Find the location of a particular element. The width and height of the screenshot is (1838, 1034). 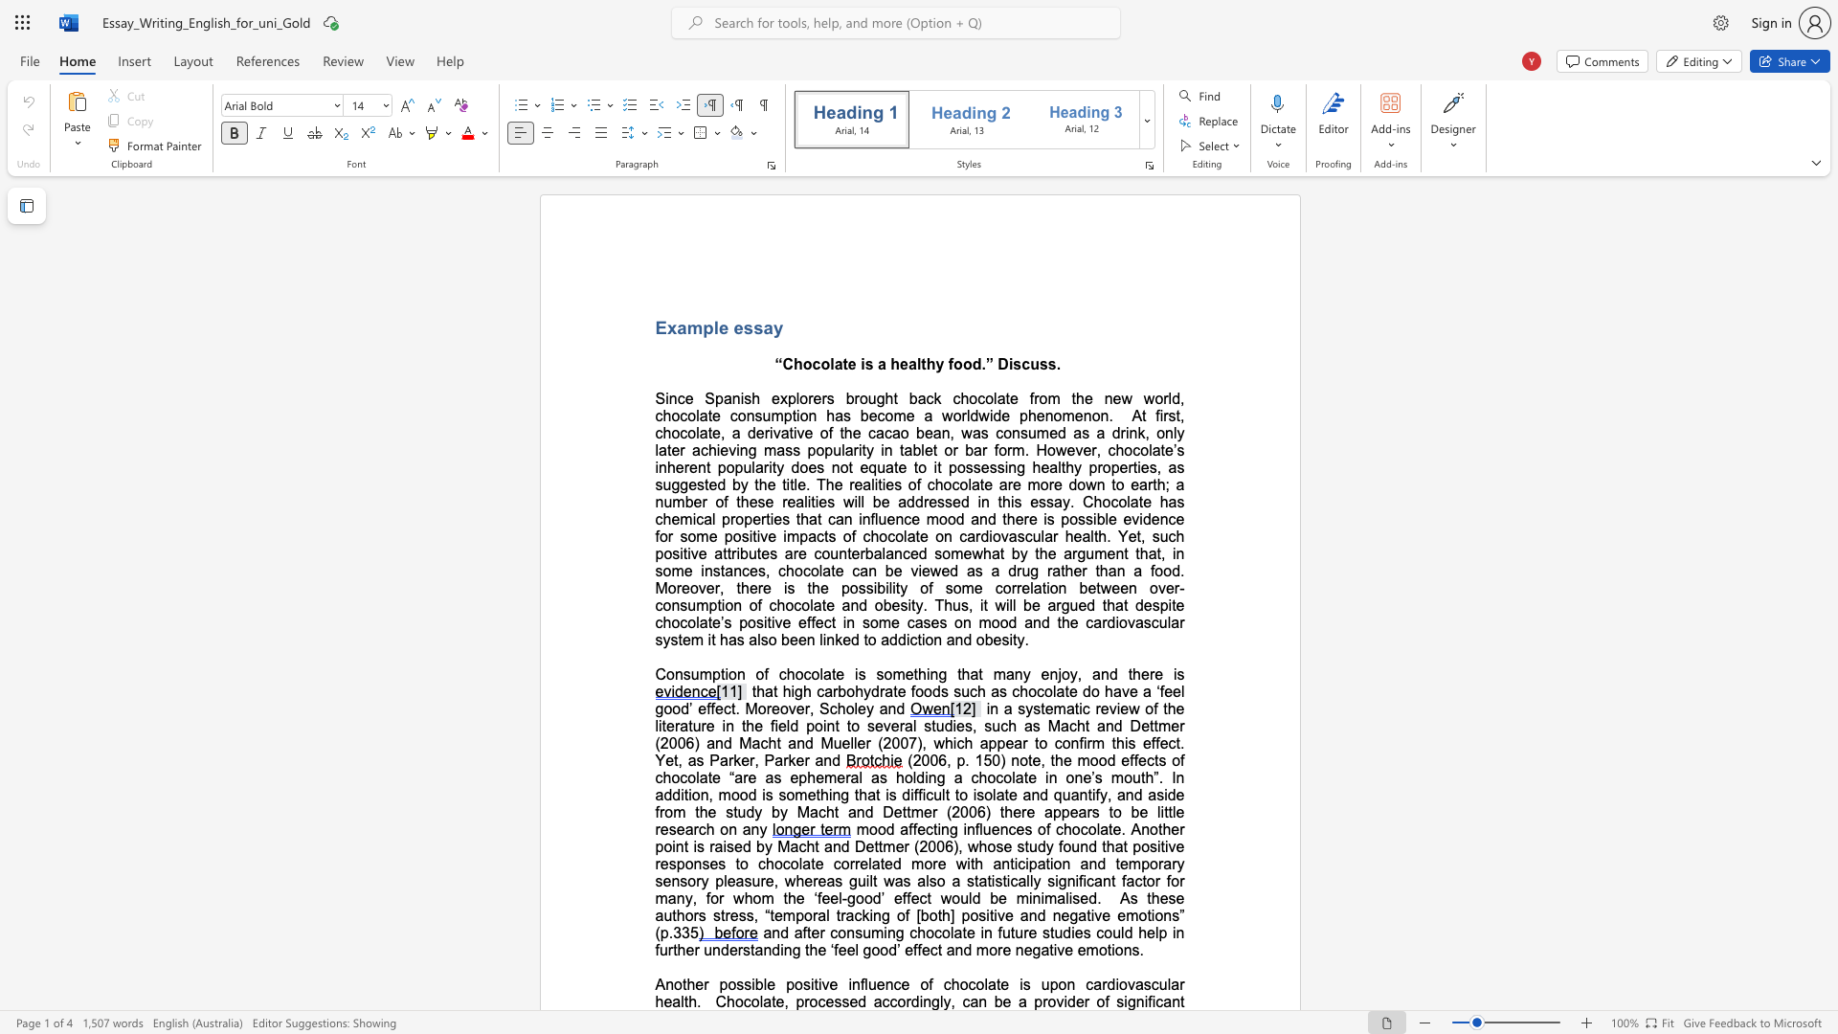

the subset text "ething that many enjo" within the text "Consumption of chocolate is something that many enjoy, and there is" is located at coordinates (904, 673).